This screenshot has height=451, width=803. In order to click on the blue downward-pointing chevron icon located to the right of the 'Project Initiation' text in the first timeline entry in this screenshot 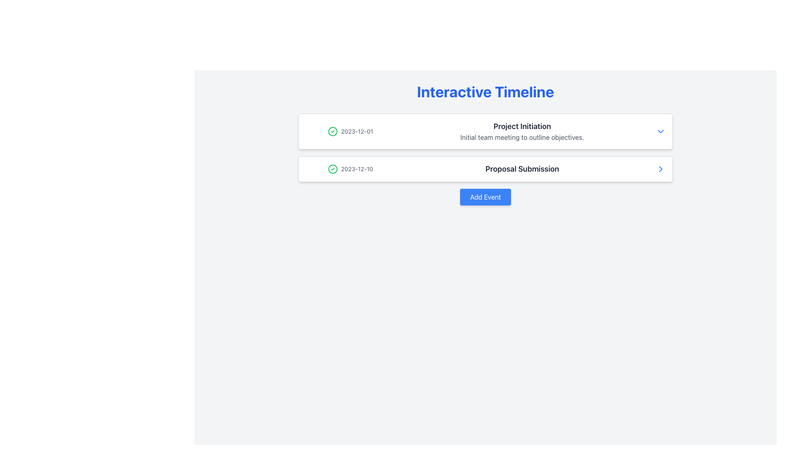, I will do `click(660, 132)`.